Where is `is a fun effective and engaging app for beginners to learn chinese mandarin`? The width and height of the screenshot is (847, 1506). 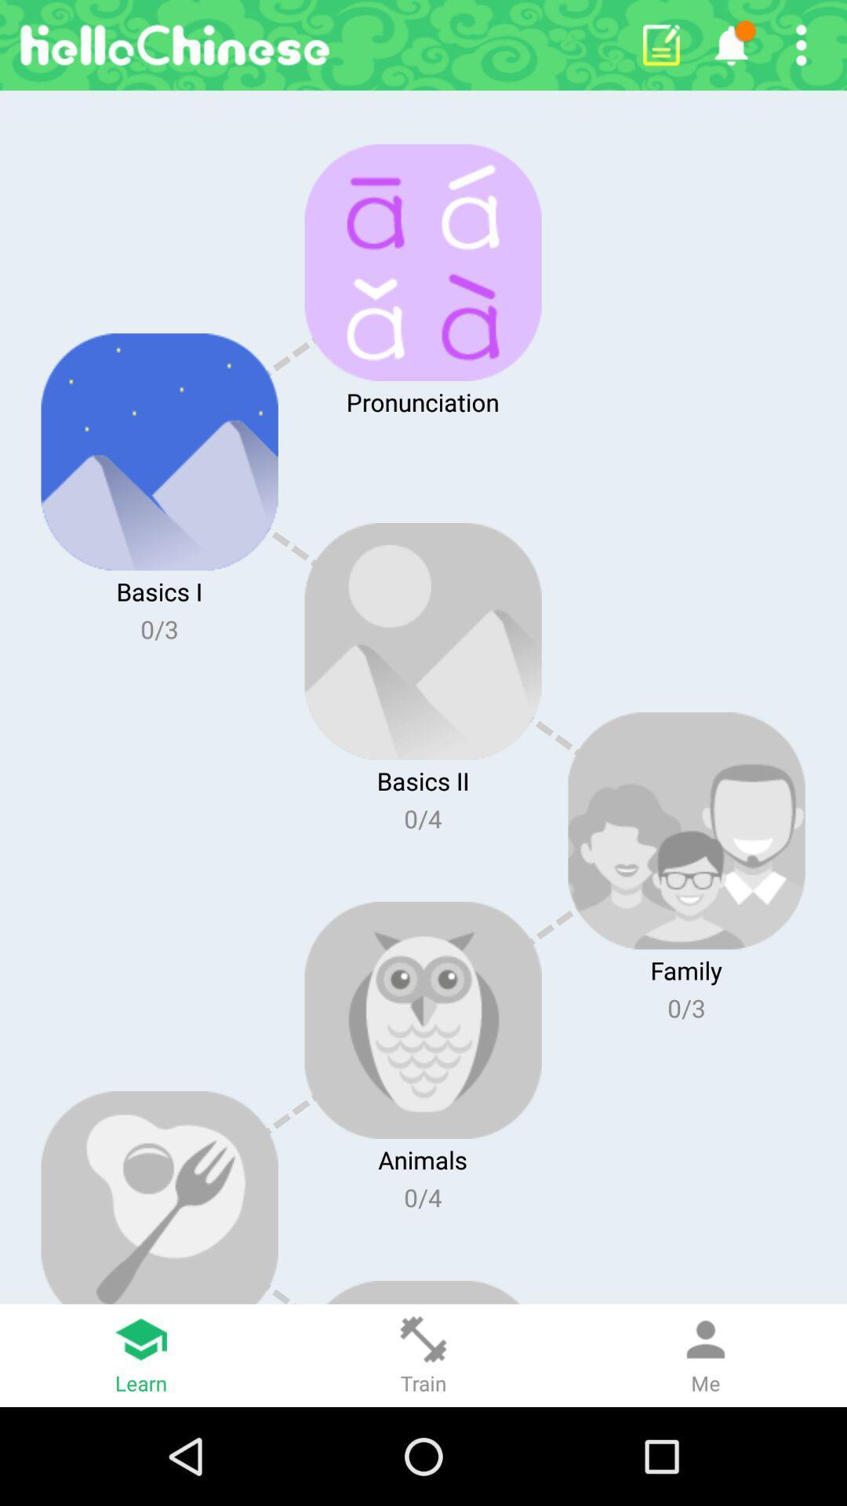 is a fun effective and engaging app for beginners to learn chinese mandarin is located at coordinates (801, 45).